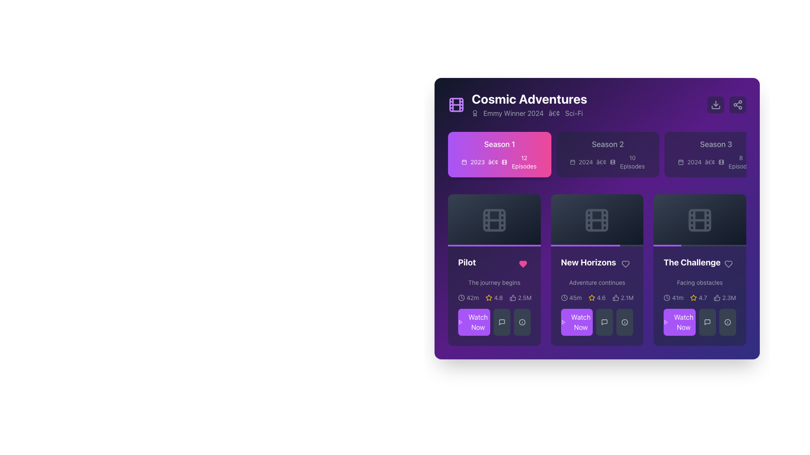 The image size is (810, 455). Describe the element at coordinates (499, 154) in the screenshot. I see `the 'Season 1' interactive card, which is a card-like component with a gradient background from purple to pink, displaying 'Season 1' in white font` at that location.